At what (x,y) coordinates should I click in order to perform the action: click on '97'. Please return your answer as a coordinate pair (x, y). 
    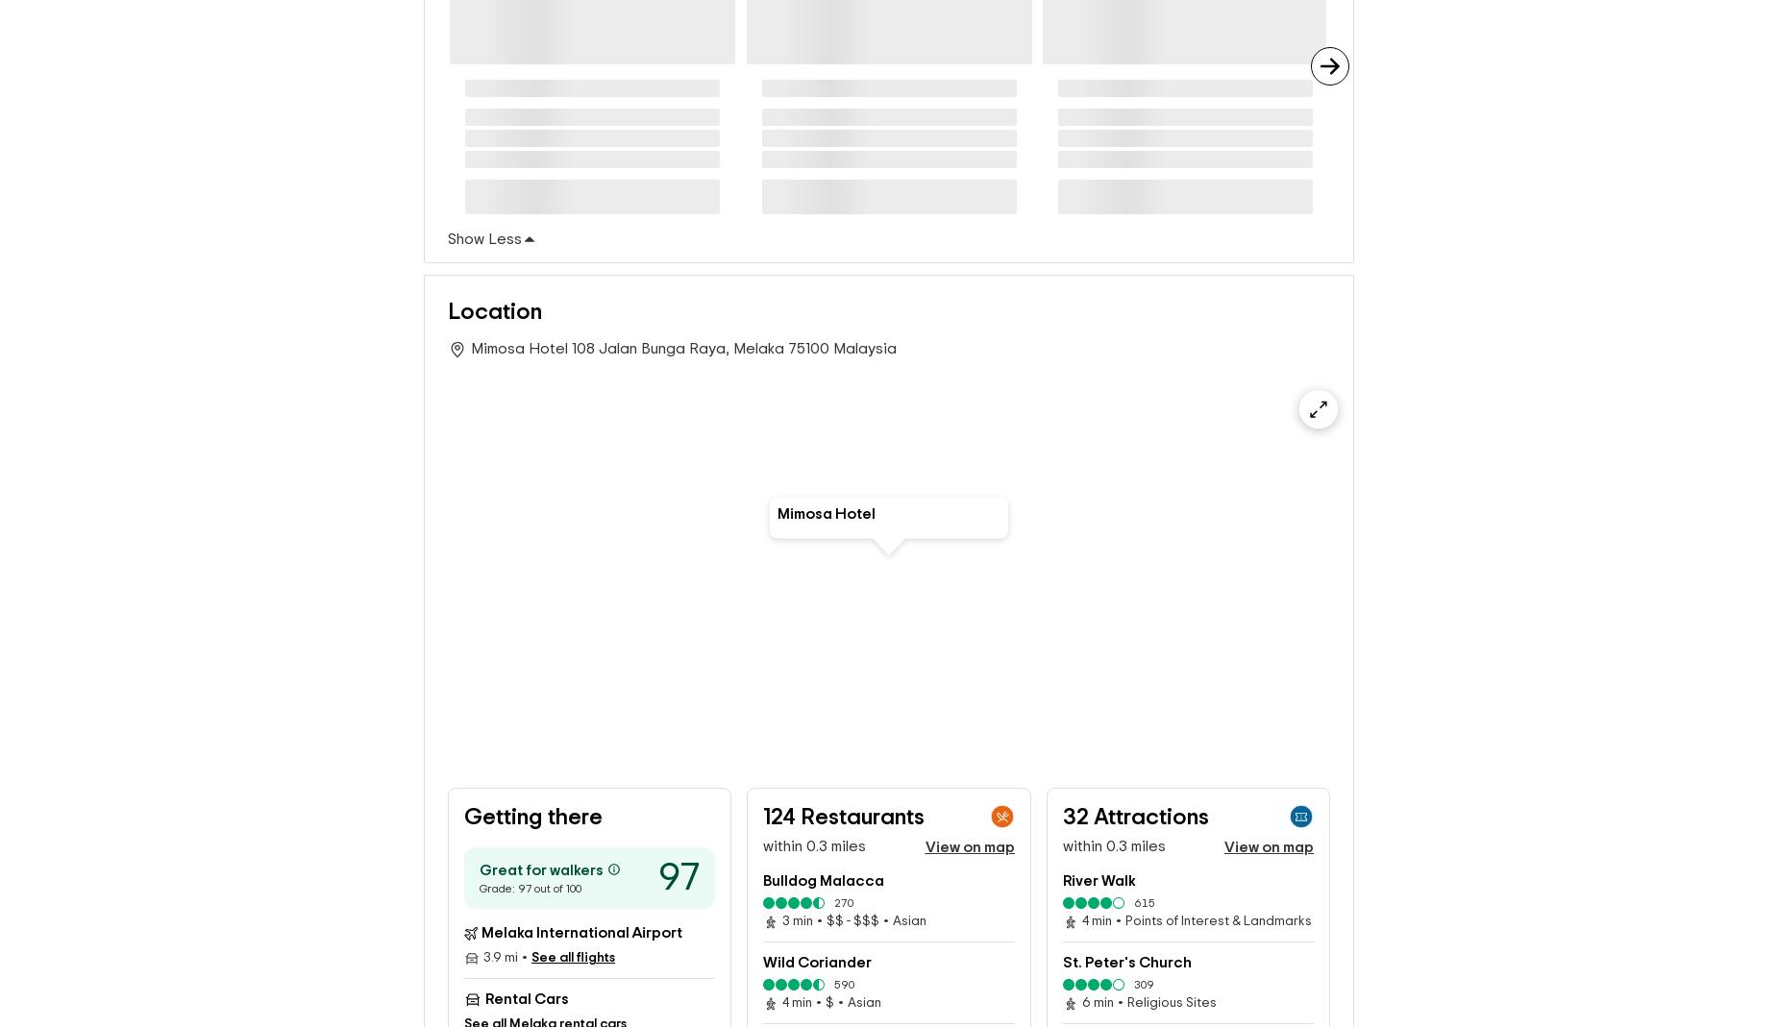
    Looking at the image, I should click on (658, 876).